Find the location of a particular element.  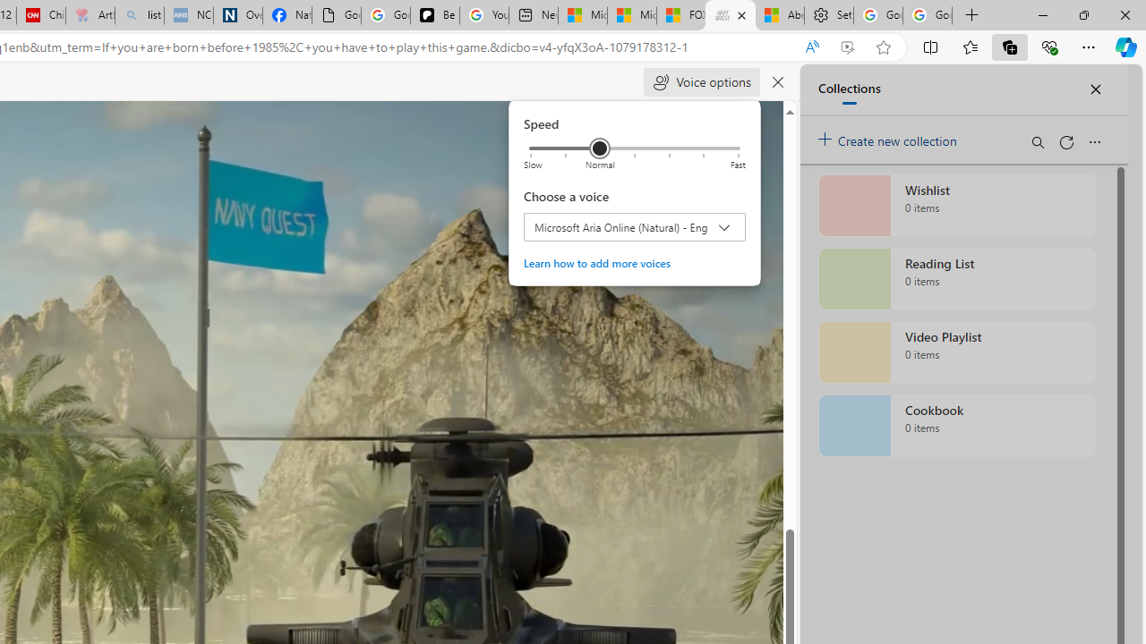

'Arthritis: Ask Health Professionals - Sleeping' is located at coordinates (90, 15).